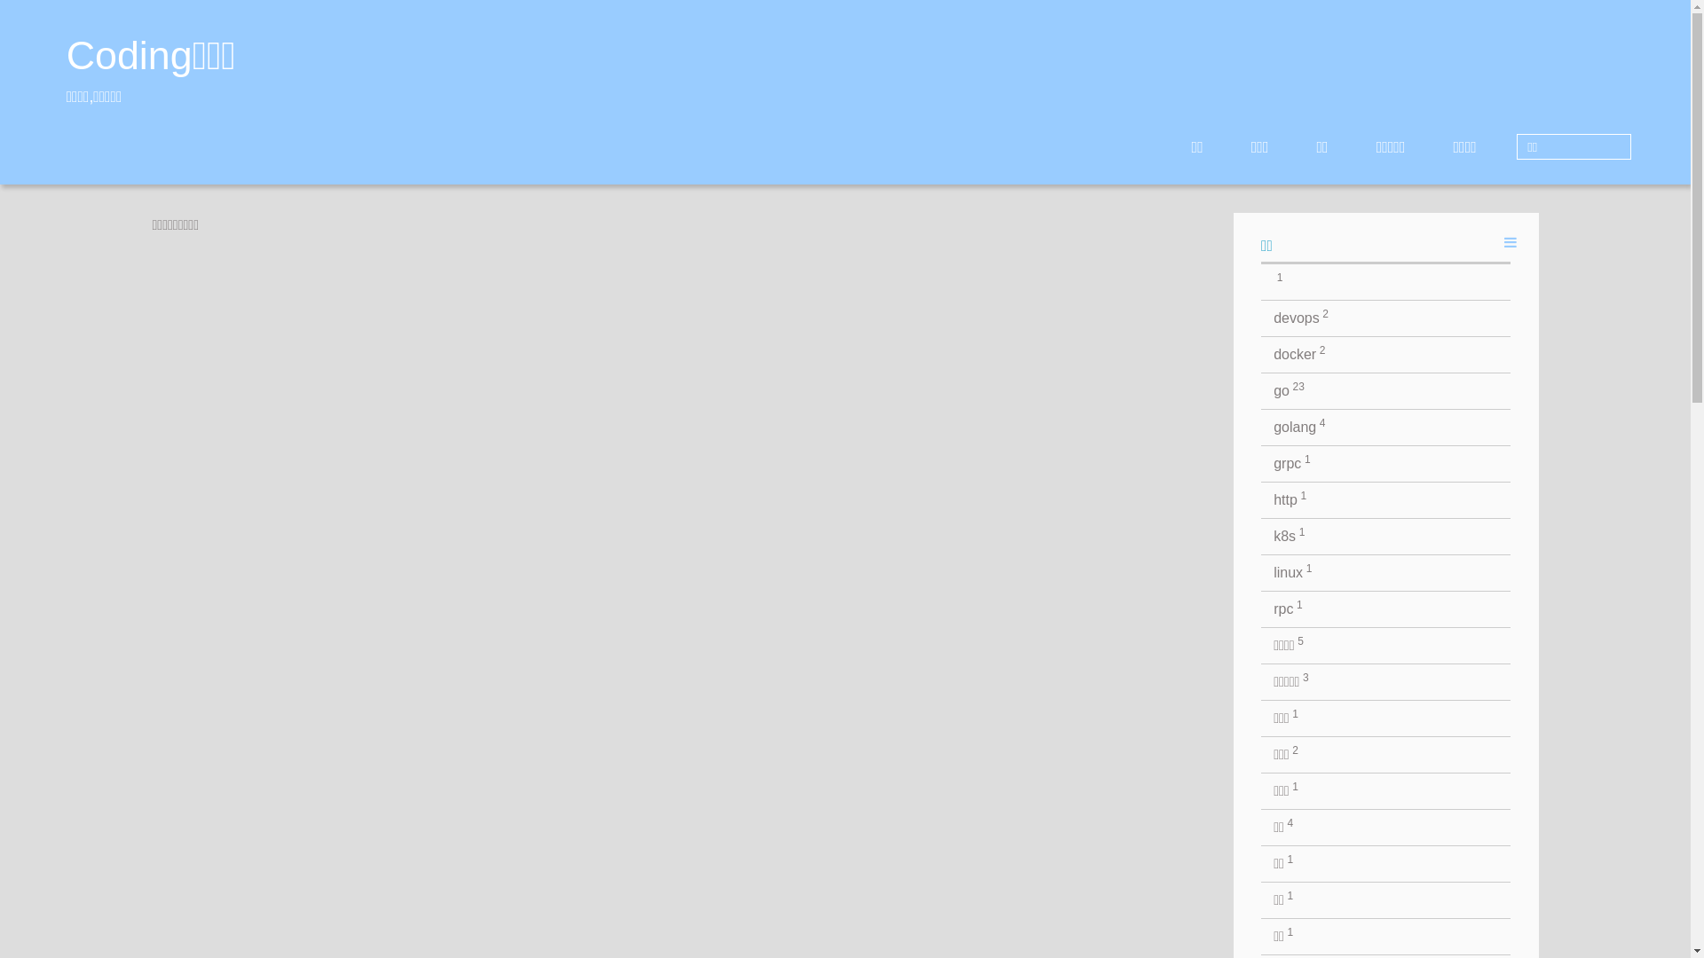  Describe the element at coordinates (1384, 536) in the screenshot. I see `'k8s1'` at that location.